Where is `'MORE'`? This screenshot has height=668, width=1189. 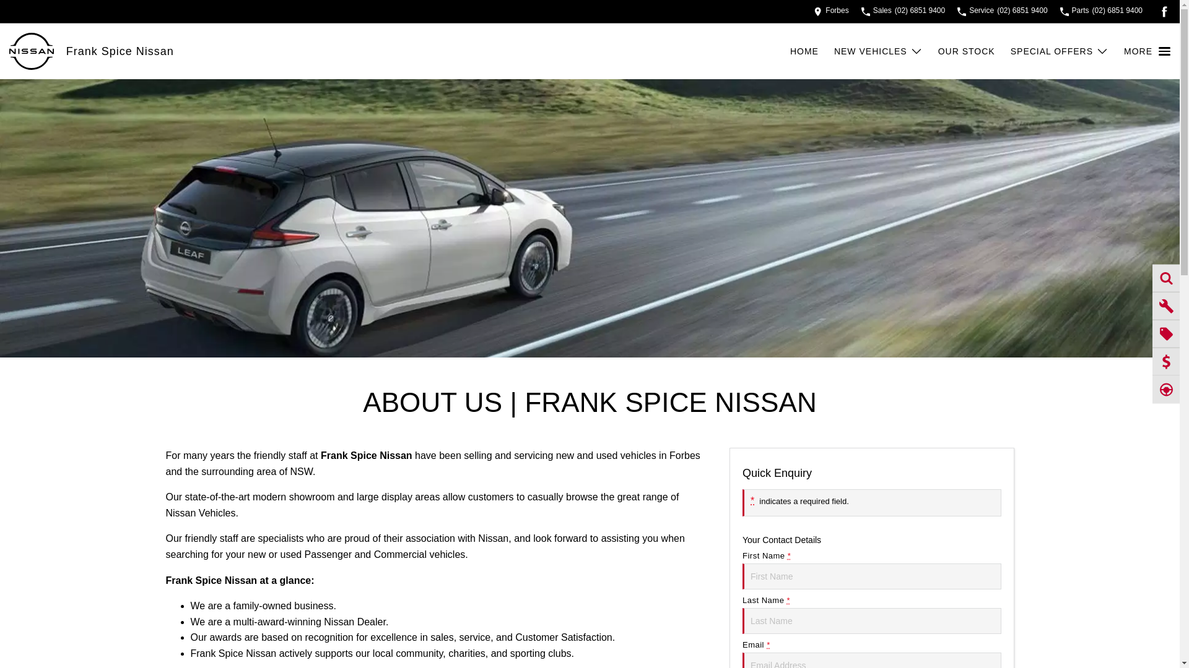
'MORE' is located at coordinates (1146, 51).